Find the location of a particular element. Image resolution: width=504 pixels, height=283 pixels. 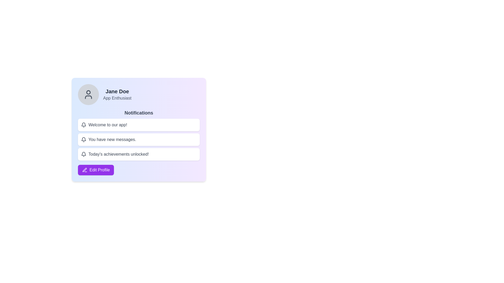

the notification icon located within the notification card for 'You have new messages.' This icon is positioned to the left of the message text and slightly above its vertical center is located at coordinates (83, 139).